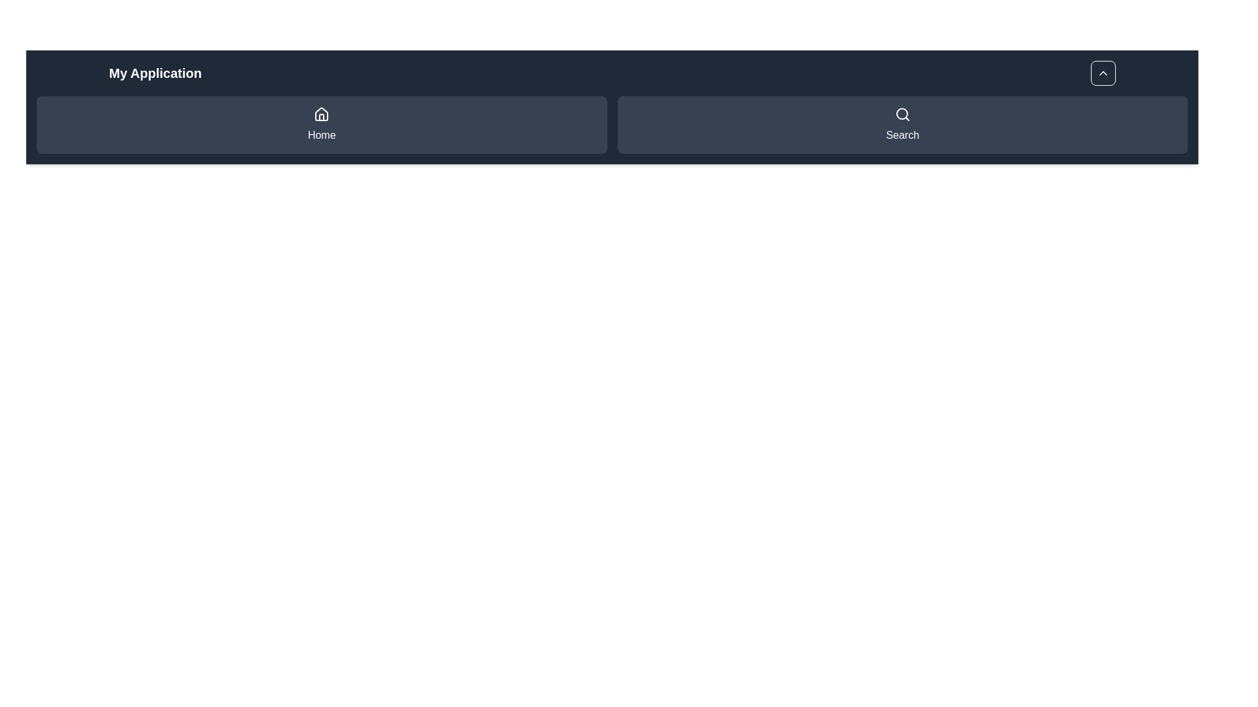 Image resolution: width=1258 pixels, height=707 pixels. I want to click on the navigation button located on the left side of the layout, which is the first item in its row, so click(322, 125).